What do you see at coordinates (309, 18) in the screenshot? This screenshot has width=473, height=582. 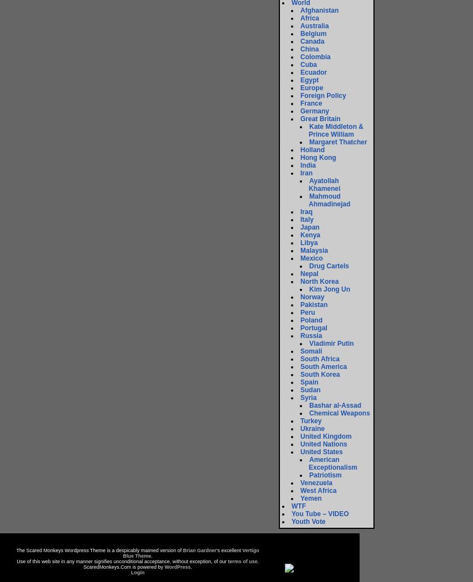 I see `'Africa'` at bounding box center [309, 18].